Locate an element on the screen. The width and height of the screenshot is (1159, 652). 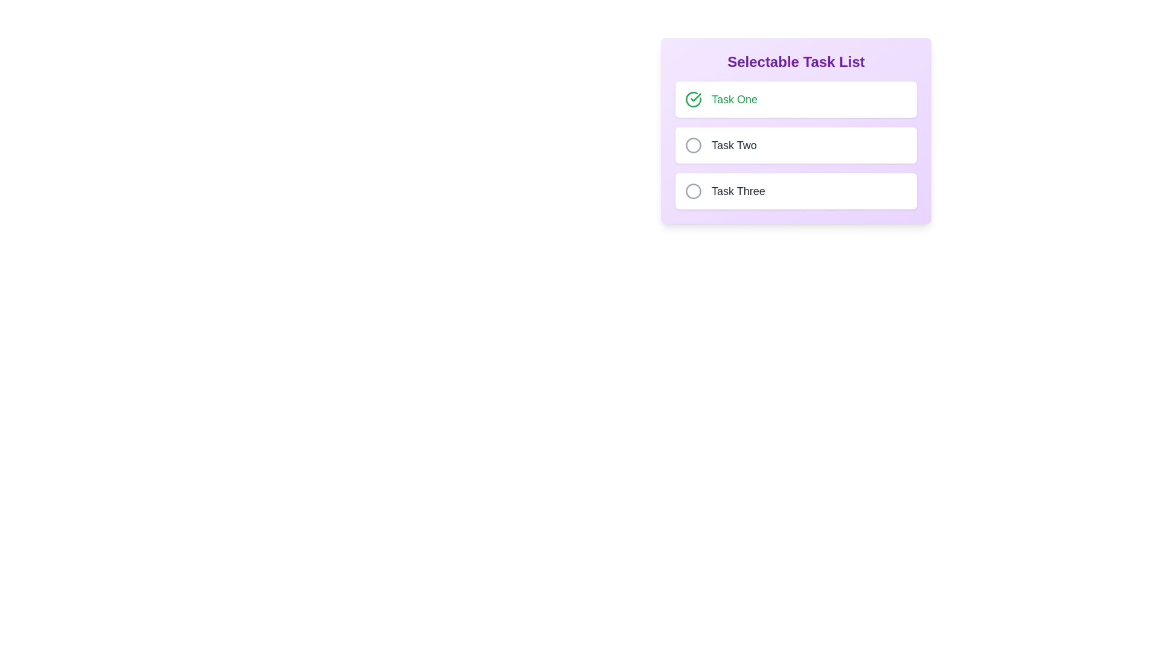
the static text 'Task Three', which is the third option in a vertical list of selectable tasks, styled in bold dark-gray font and positioned to the right of an empty radio button circle is located at coordinates (738, 190).